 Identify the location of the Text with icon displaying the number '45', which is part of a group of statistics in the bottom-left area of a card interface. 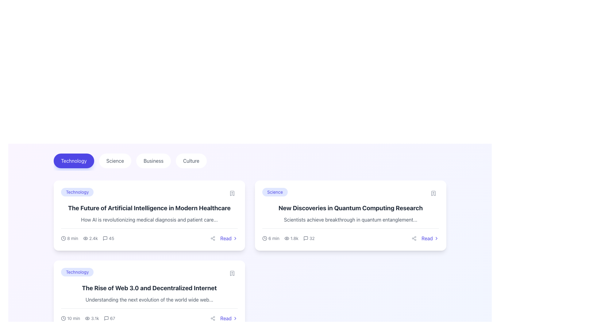
(108, 238).